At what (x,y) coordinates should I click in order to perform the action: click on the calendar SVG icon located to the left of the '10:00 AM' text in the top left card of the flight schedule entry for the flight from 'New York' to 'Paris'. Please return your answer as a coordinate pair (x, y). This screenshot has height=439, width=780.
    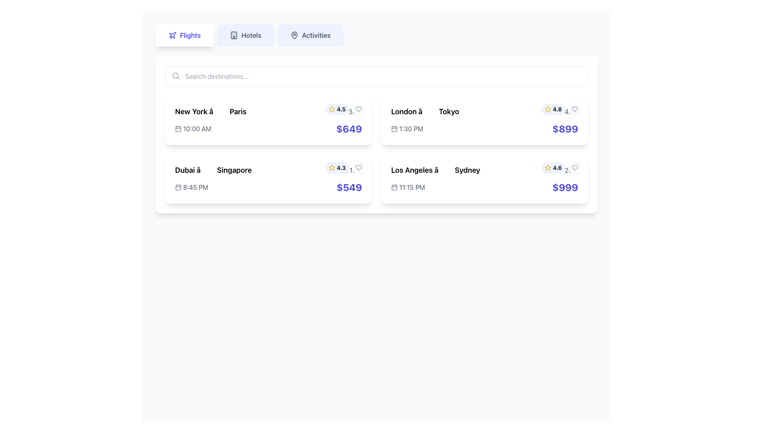
    Looking at the image, I should click on (178, 128).